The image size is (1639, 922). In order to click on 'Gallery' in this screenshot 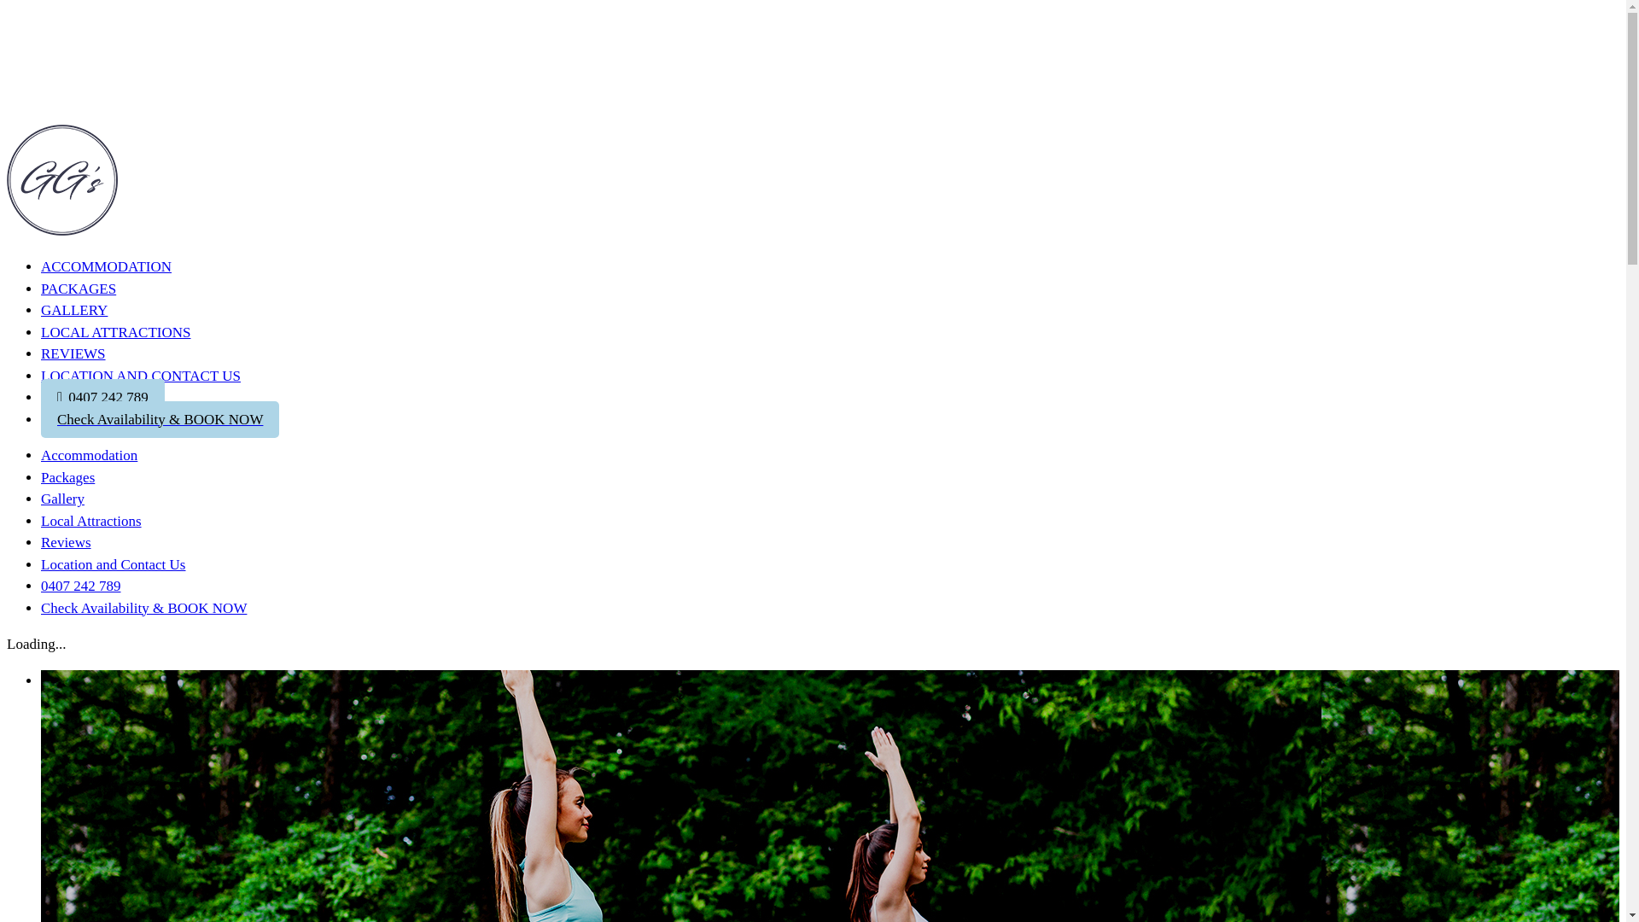, I will do `click(41, 499)`.